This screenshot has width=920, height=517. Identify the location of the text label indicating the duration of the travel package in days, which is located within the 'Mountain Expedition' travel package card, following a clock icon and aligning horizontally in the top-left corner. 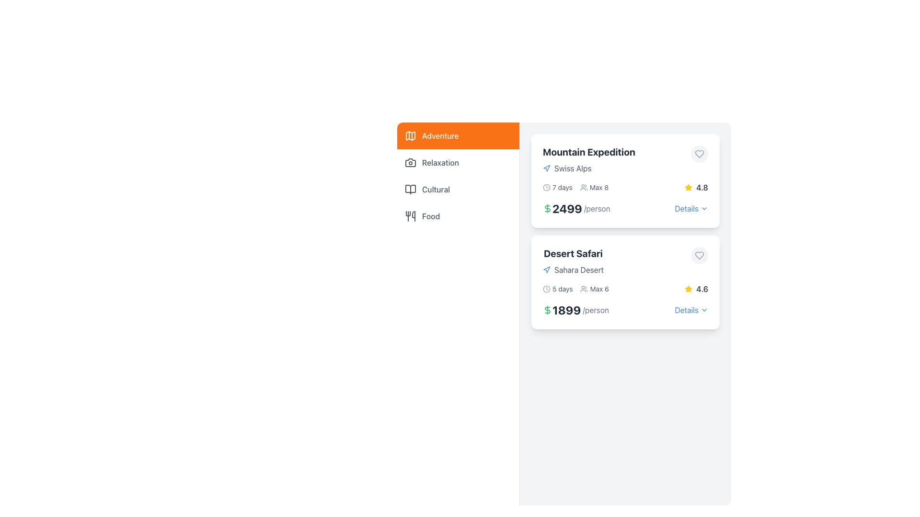
(562, 188).